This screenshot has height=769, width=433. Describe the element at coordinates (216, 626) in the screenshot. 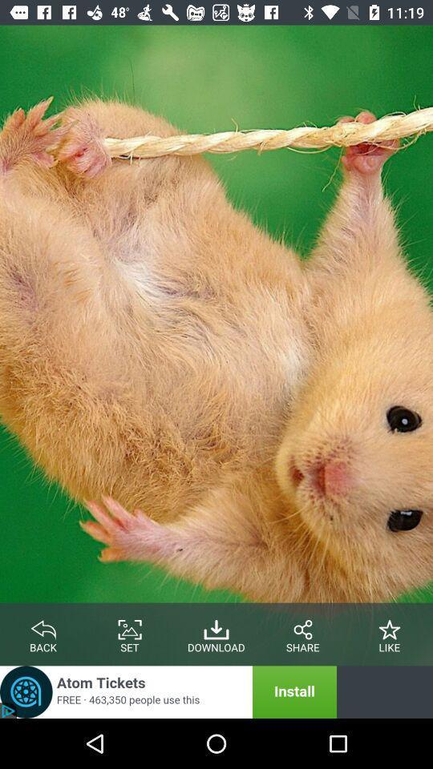

I see `download` at that location.